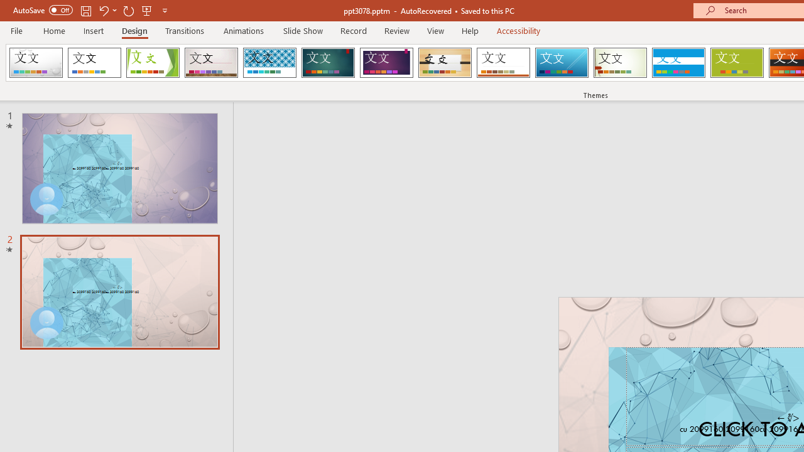 Image resolution: width=804 pixels, height=452 pixels. What do you see at coordinates (94, 63) in the screenshot?
I see `'Office Theme'` at bounding box center [94, 63].